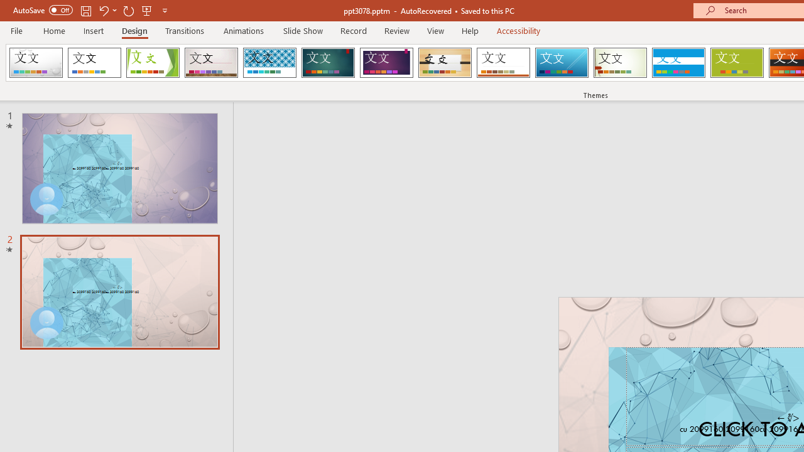 Image resolution: width=804 pixels, height=452 pixels. What do you see at coordinates (94, 63) in the screenshot?
I see `'Office Theme'` at bounding box center [94, 63].